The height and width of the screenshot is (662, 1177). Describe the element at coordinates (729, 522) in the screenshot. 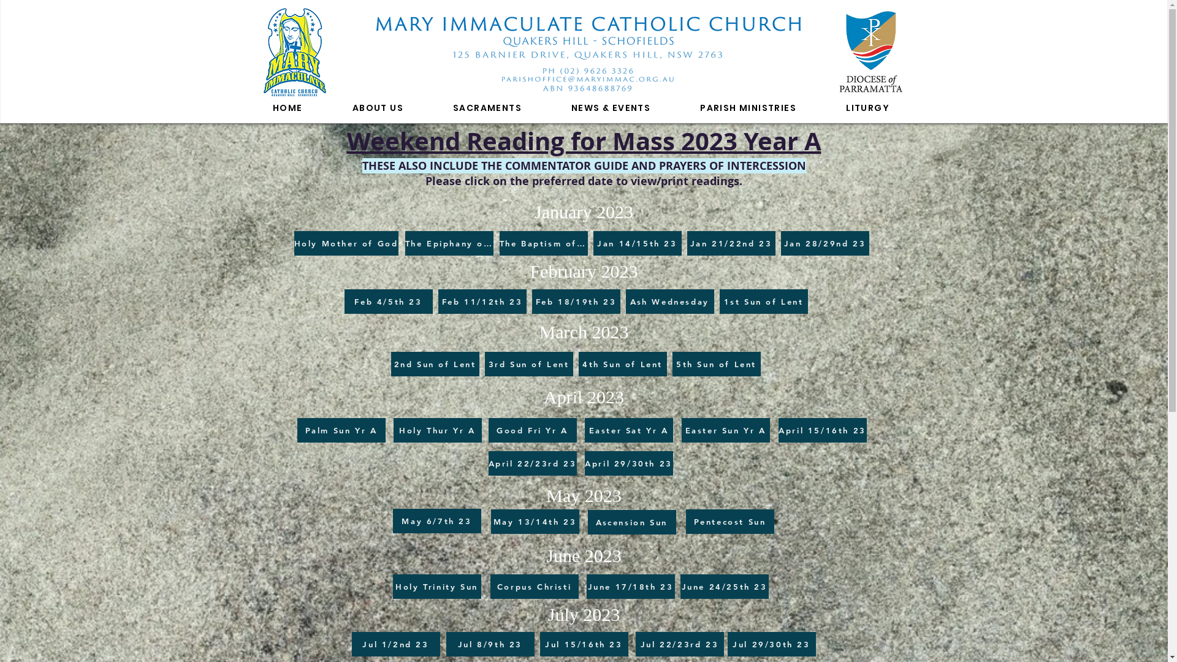

I see `'Pentecost Sun'` at that location.